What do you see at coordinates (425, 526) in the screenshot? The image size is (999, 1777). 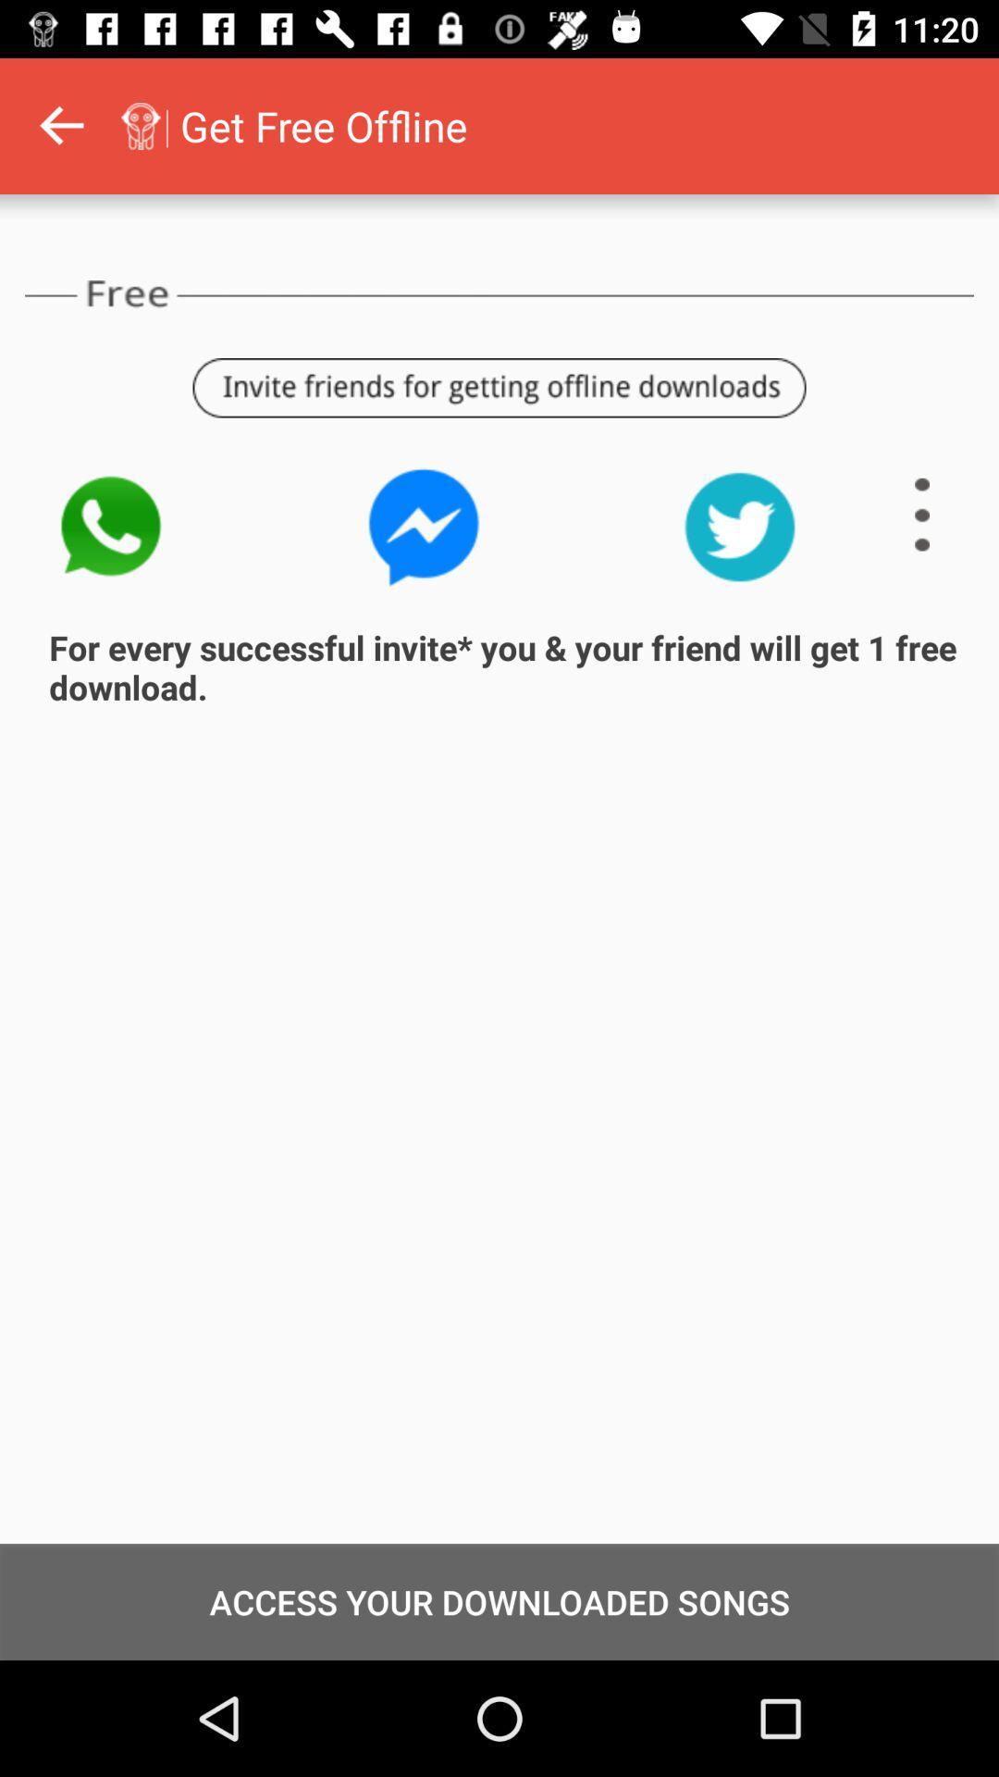 I see `click on messenger` at bounding box center [425, 526].